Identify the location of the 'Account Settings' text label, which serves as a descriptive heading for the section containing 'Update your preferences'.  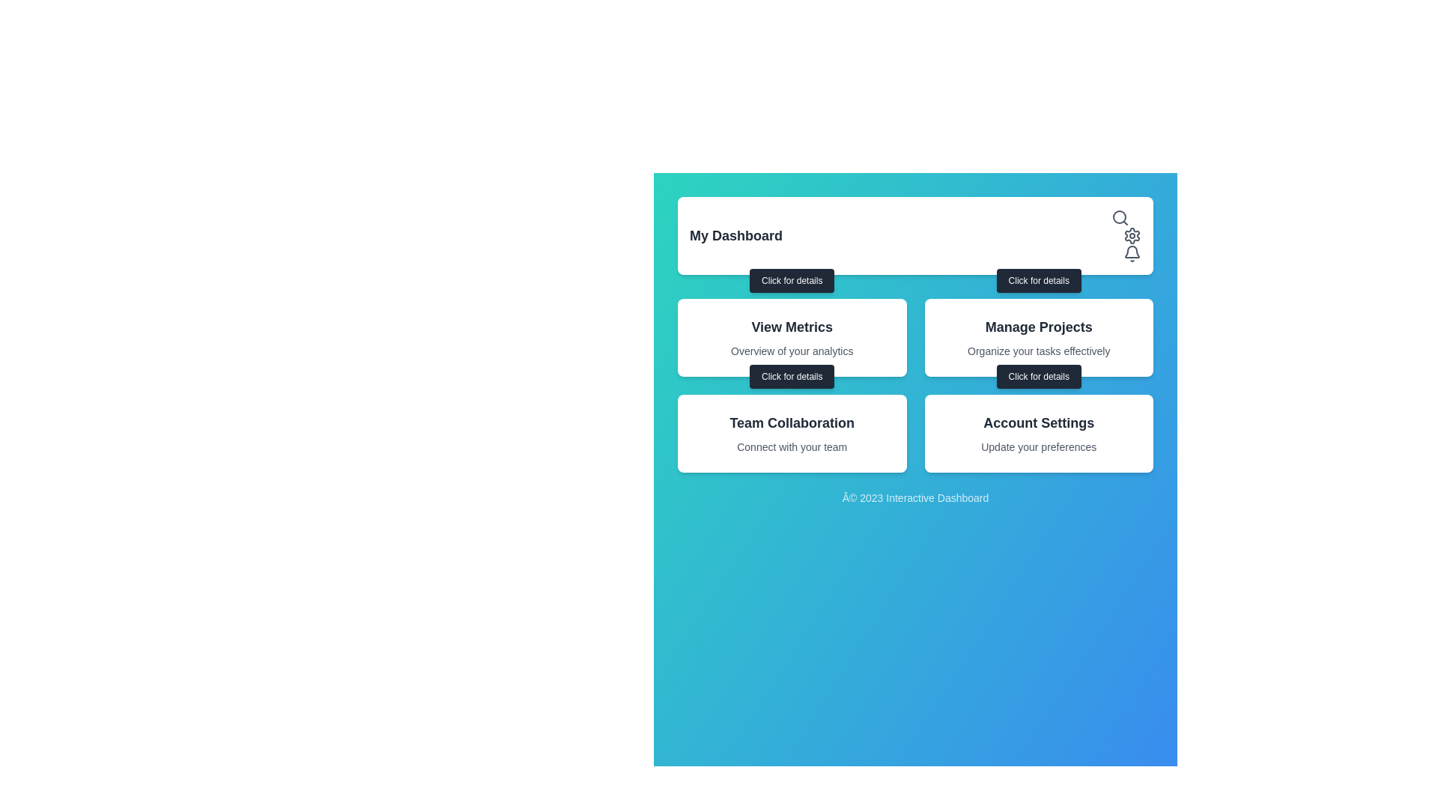
(1038, 422).